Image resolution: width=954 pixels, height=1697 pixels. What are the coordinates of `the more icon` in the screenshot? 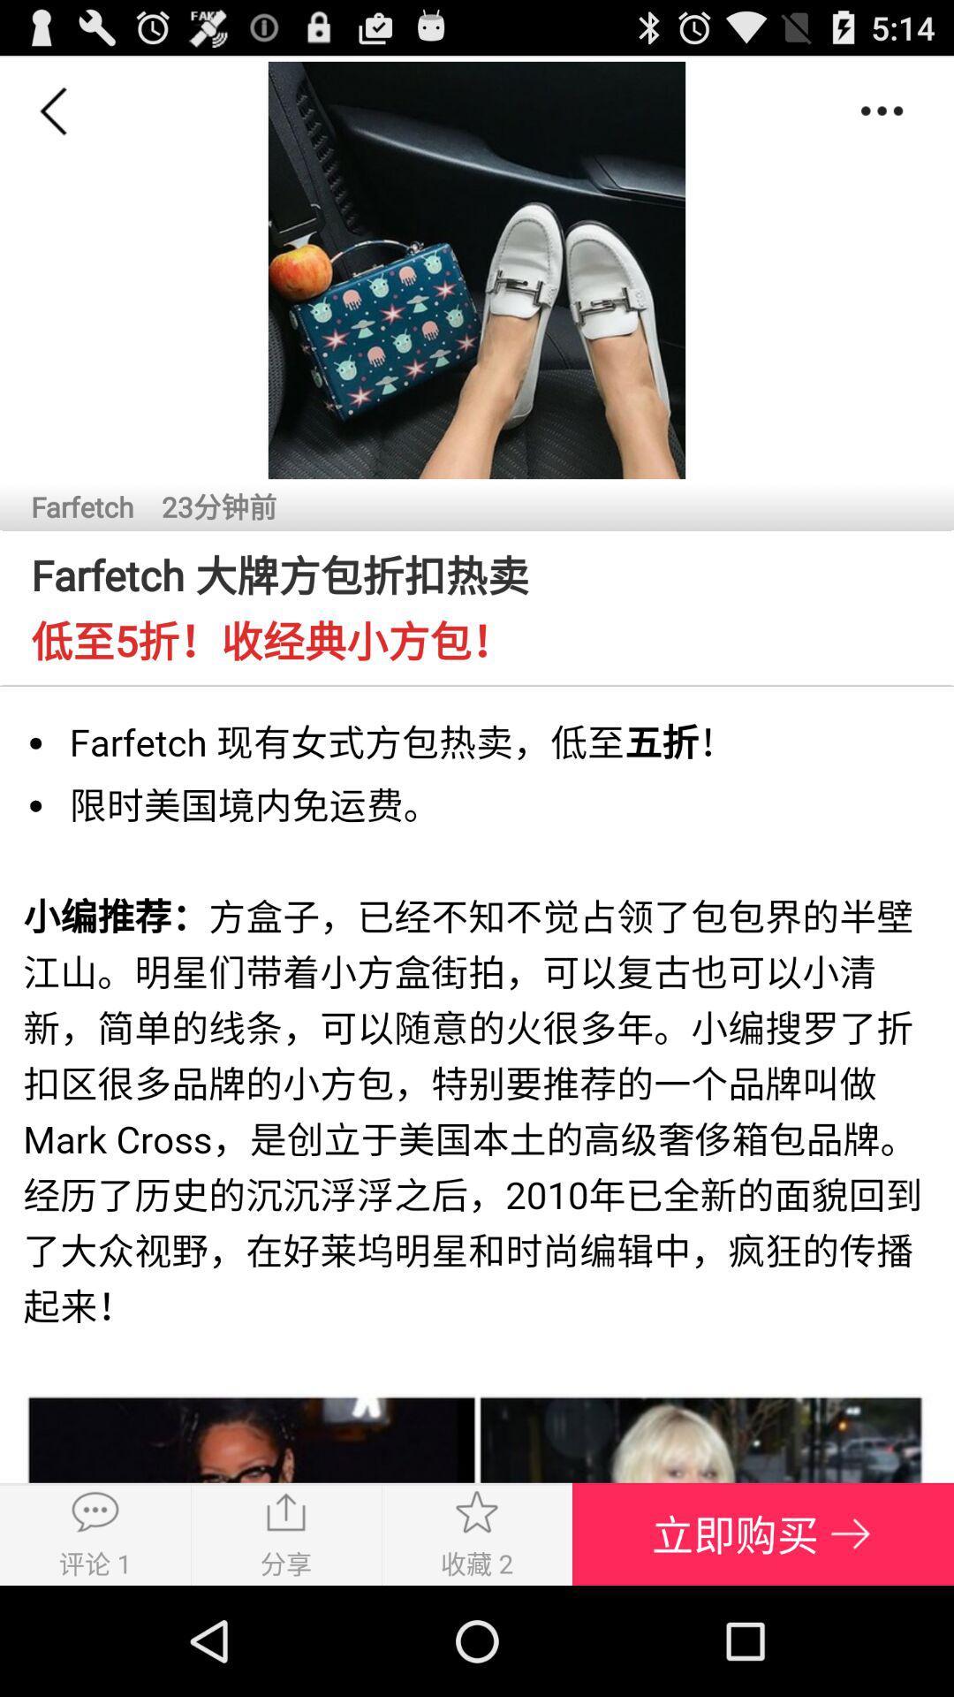 It's located at (882, 118).